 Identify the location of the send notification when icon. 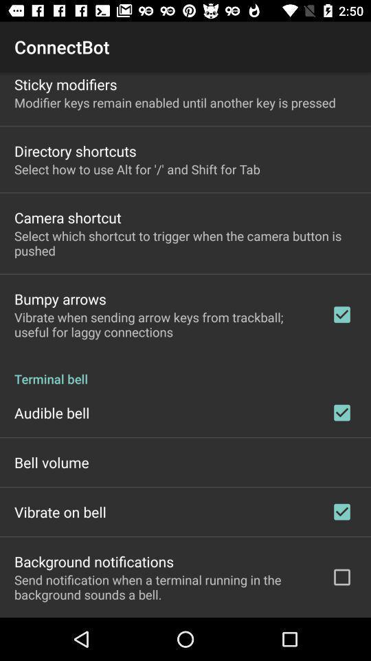
(164, 586).